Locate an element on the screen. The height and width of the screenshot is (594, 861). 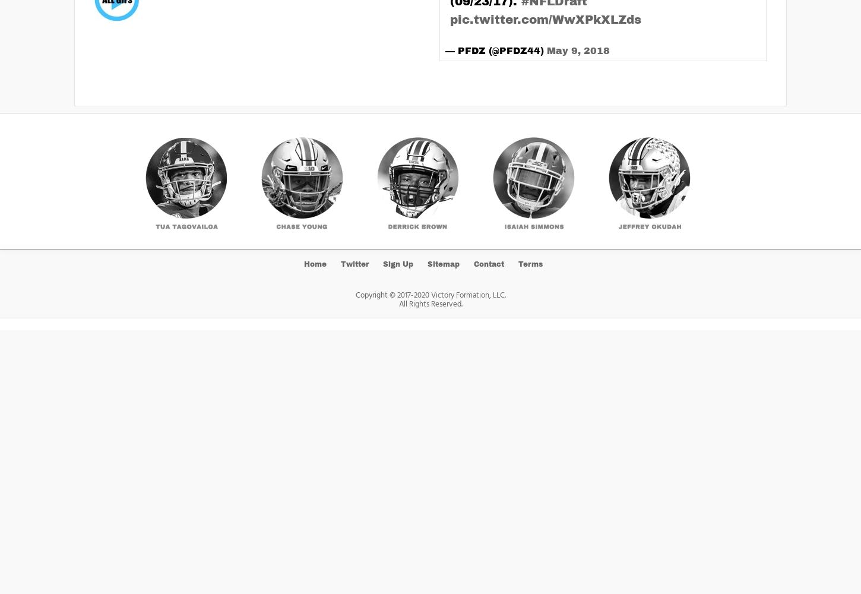
'Copyright © 2017-2020 Victory Formation, LLC.' is located at coordinates (429, 294).